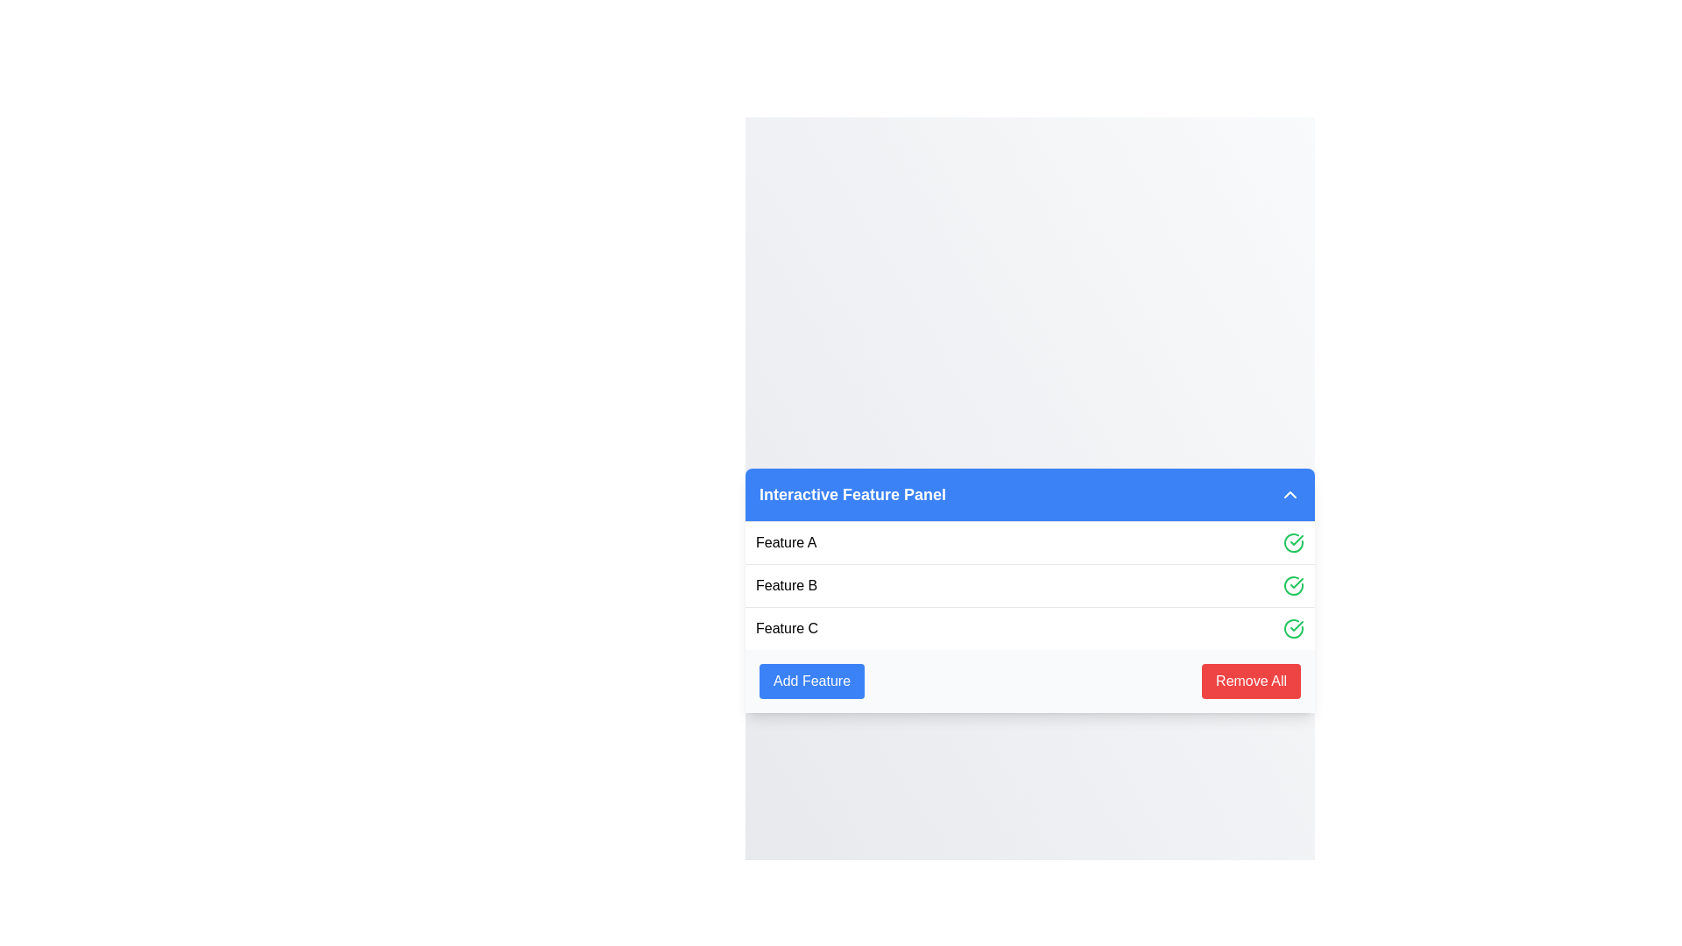 The width and height of the screenshot is (1682, 946). What do you see at coordinates (786, 627) in the screenshot?
I see `the Label containing the text 'Feature C', which is styled as plain black text and located below the rows labeled 'Feature A' and 'Feature B'` at bounding box center [786, 627].